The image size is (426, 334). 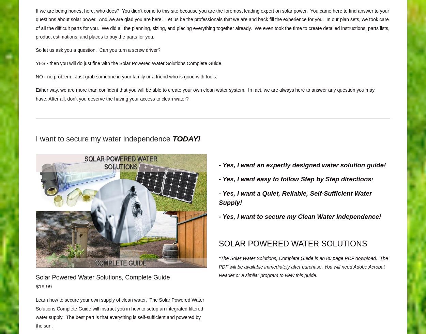 What do you see at coordinates (295, 197) in the screenshot?
I see `'- Yes, I want a Quiet, Reliable, Self-Sufficient Water Supply!'` at bounding box center [295, 197].